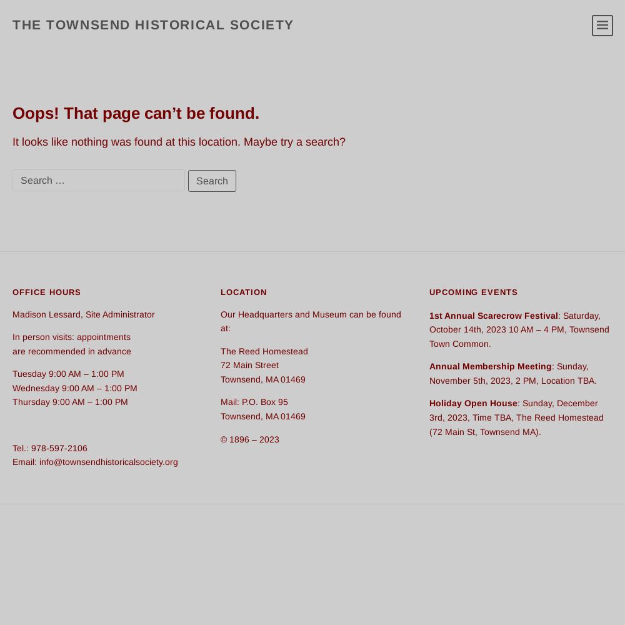  What do you see at coordinates (429, 372) in the screenshot?
I see `': Sunday, November 5th, 2023, 2 PM, Location TBA.'` at bounding box center [429, 372].